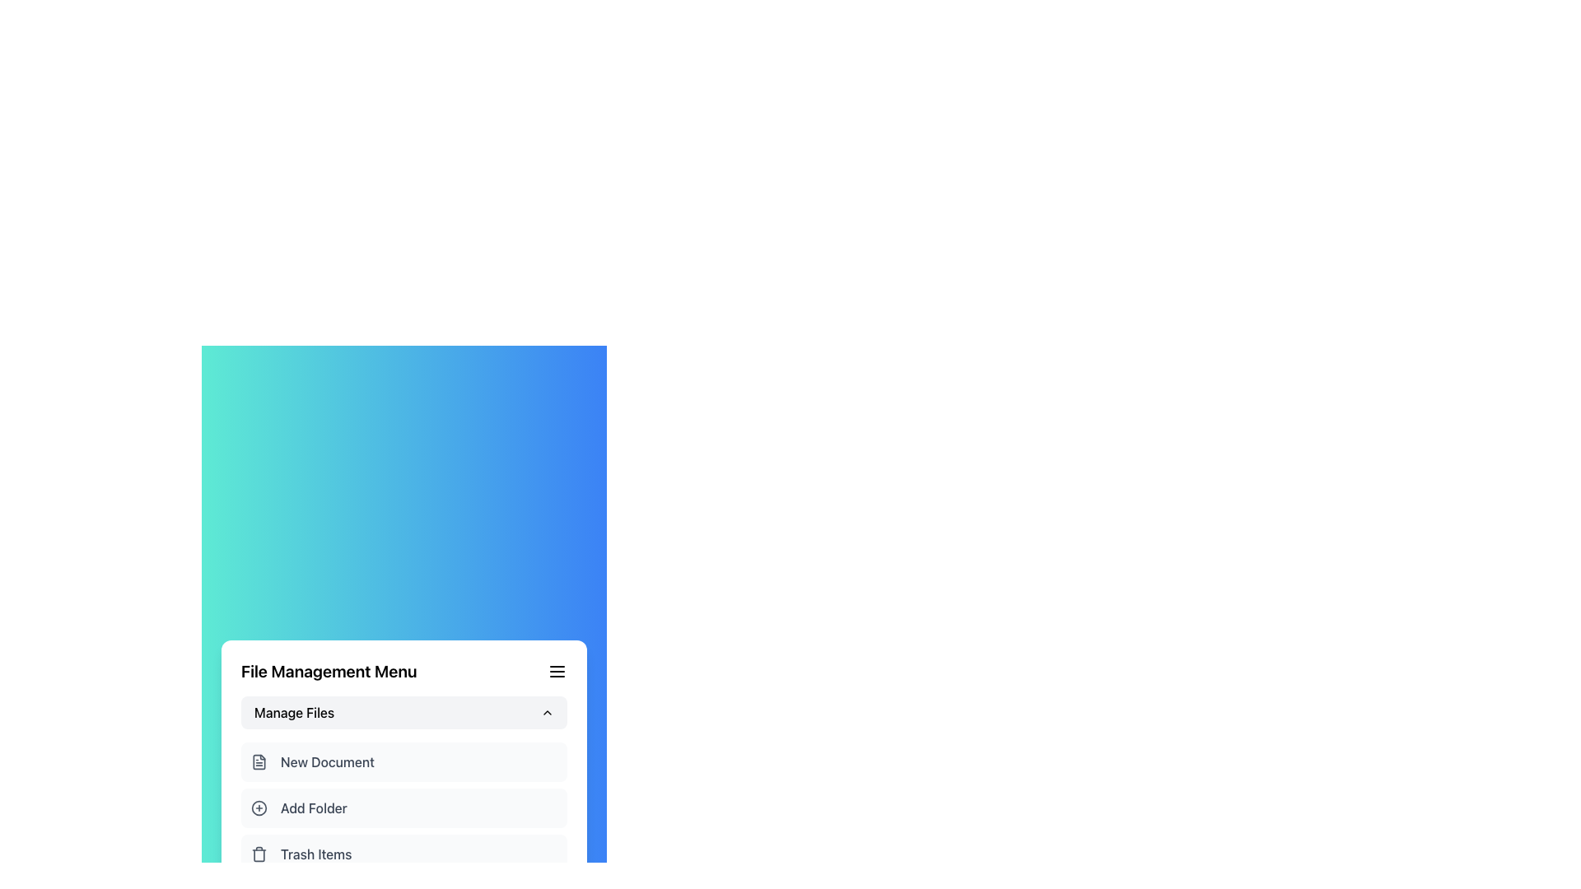 The image size is (1581, 889). Describe the element at coordinates (403, 761) in the screenshot. I see `the 'New Document' button, which is the first item in the file management menu, to observe the background color change` at that location.